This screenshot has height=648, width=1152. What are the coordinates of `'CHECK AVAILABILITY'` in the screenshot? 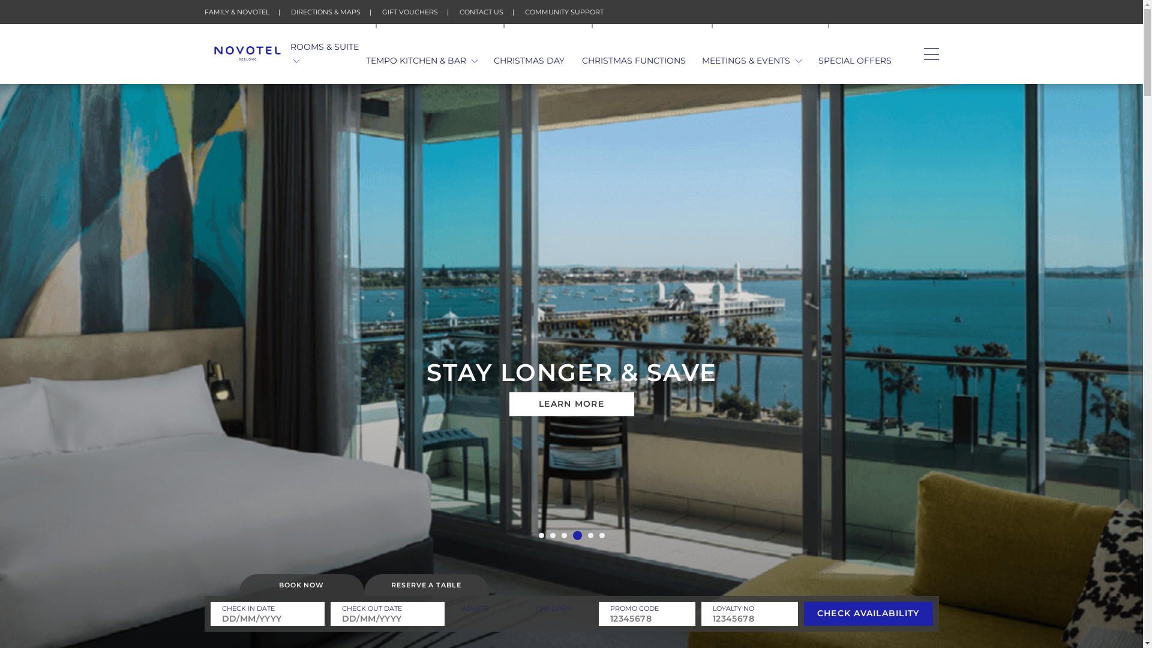 It's located at (803, 613).